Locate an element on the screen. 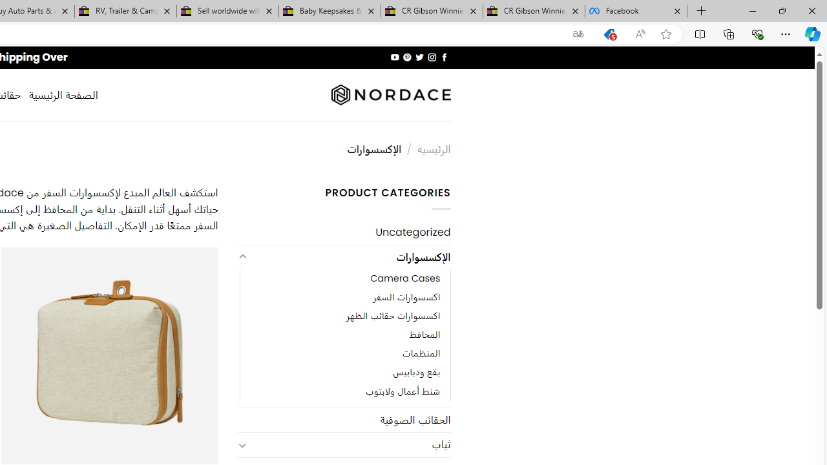 The image size is (827, 465). 'Follow on Facebook' is located at coordinates (444, 57).